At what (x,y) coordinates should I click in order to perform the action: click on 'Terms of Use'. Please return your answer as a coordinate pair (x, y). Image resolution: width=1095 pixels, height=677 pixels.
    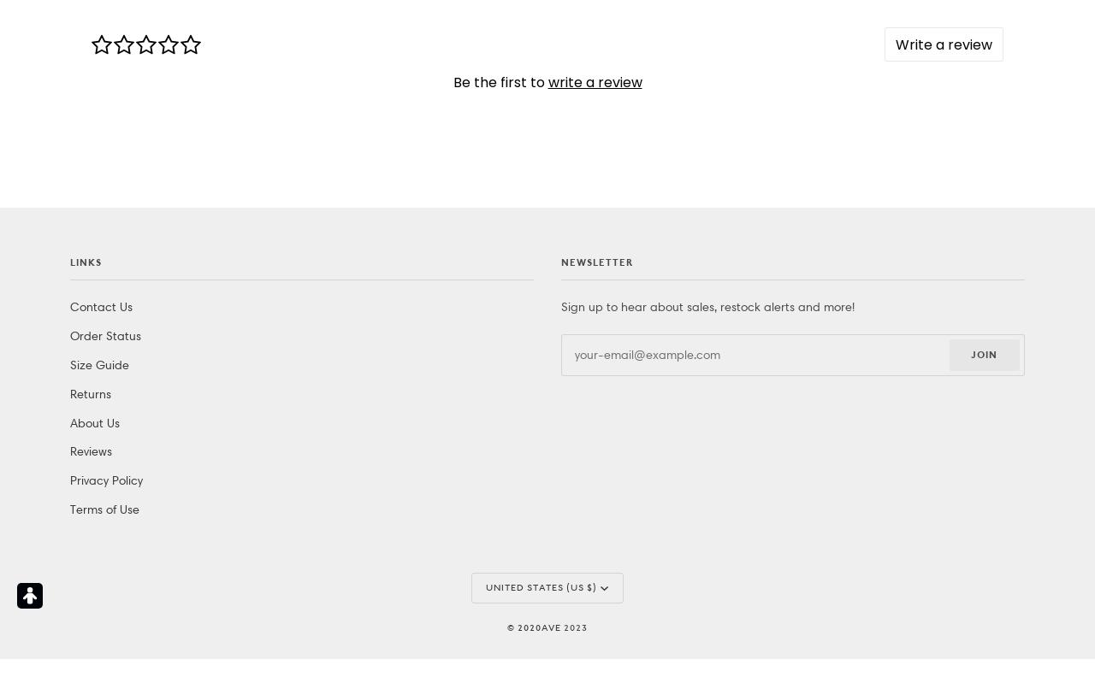
    Looking at the image, I should click on (104, 187).